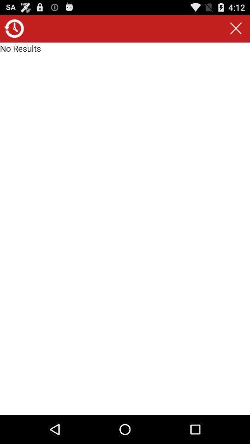 The width and height of the screenshot is (250, 444). Describe the element at coordinates (125, 228) in the screenshot. I see `the icon at the center` at that location.